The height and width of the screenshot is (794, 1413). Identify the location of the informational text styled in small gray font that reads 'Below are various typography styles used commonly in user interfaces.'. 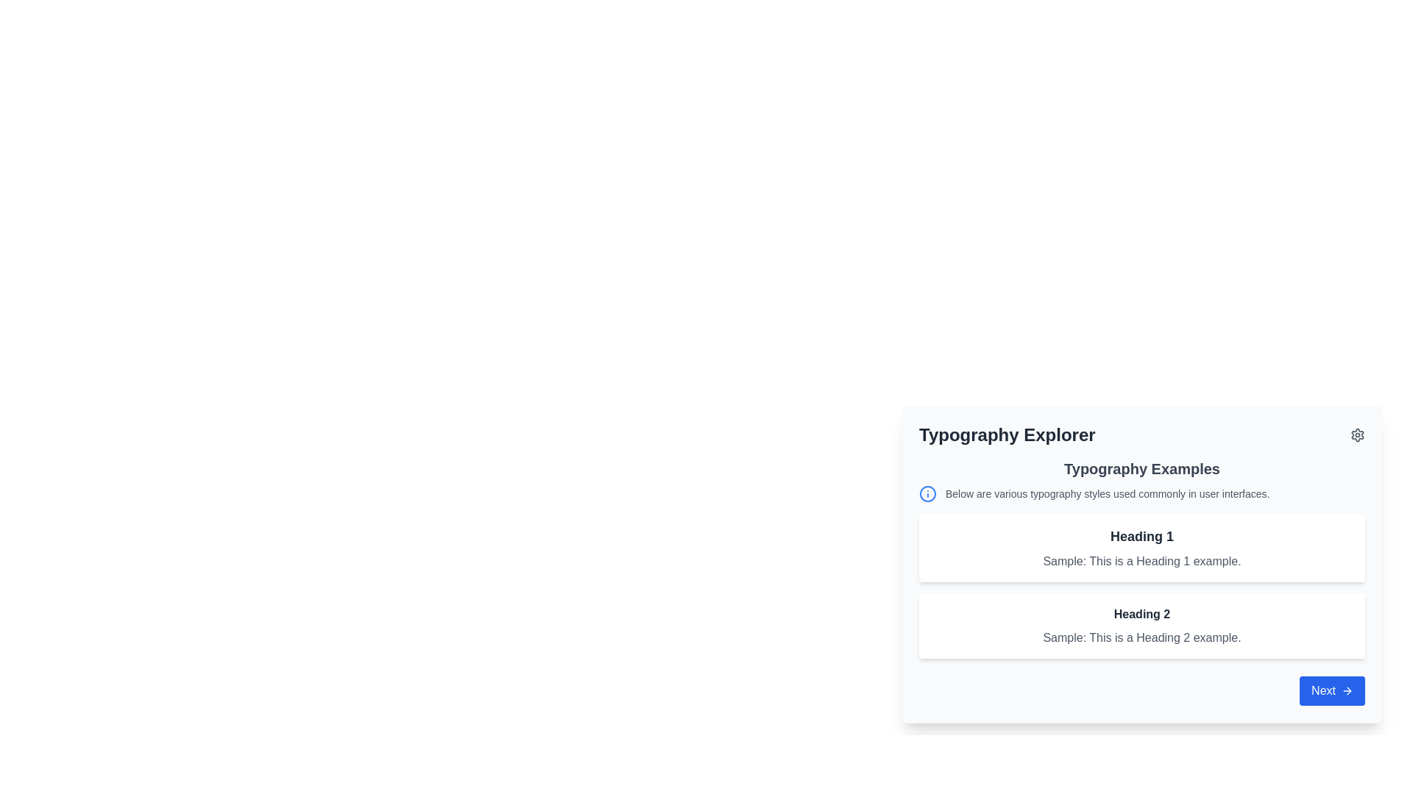
(1141, 493).